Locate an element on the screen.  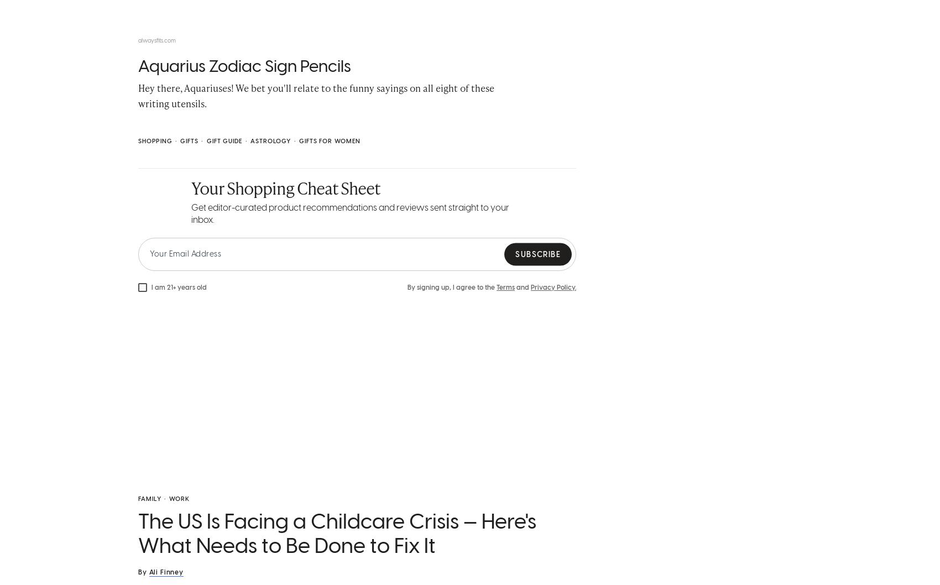
'Shopping' is located at coordinates (155, 144).